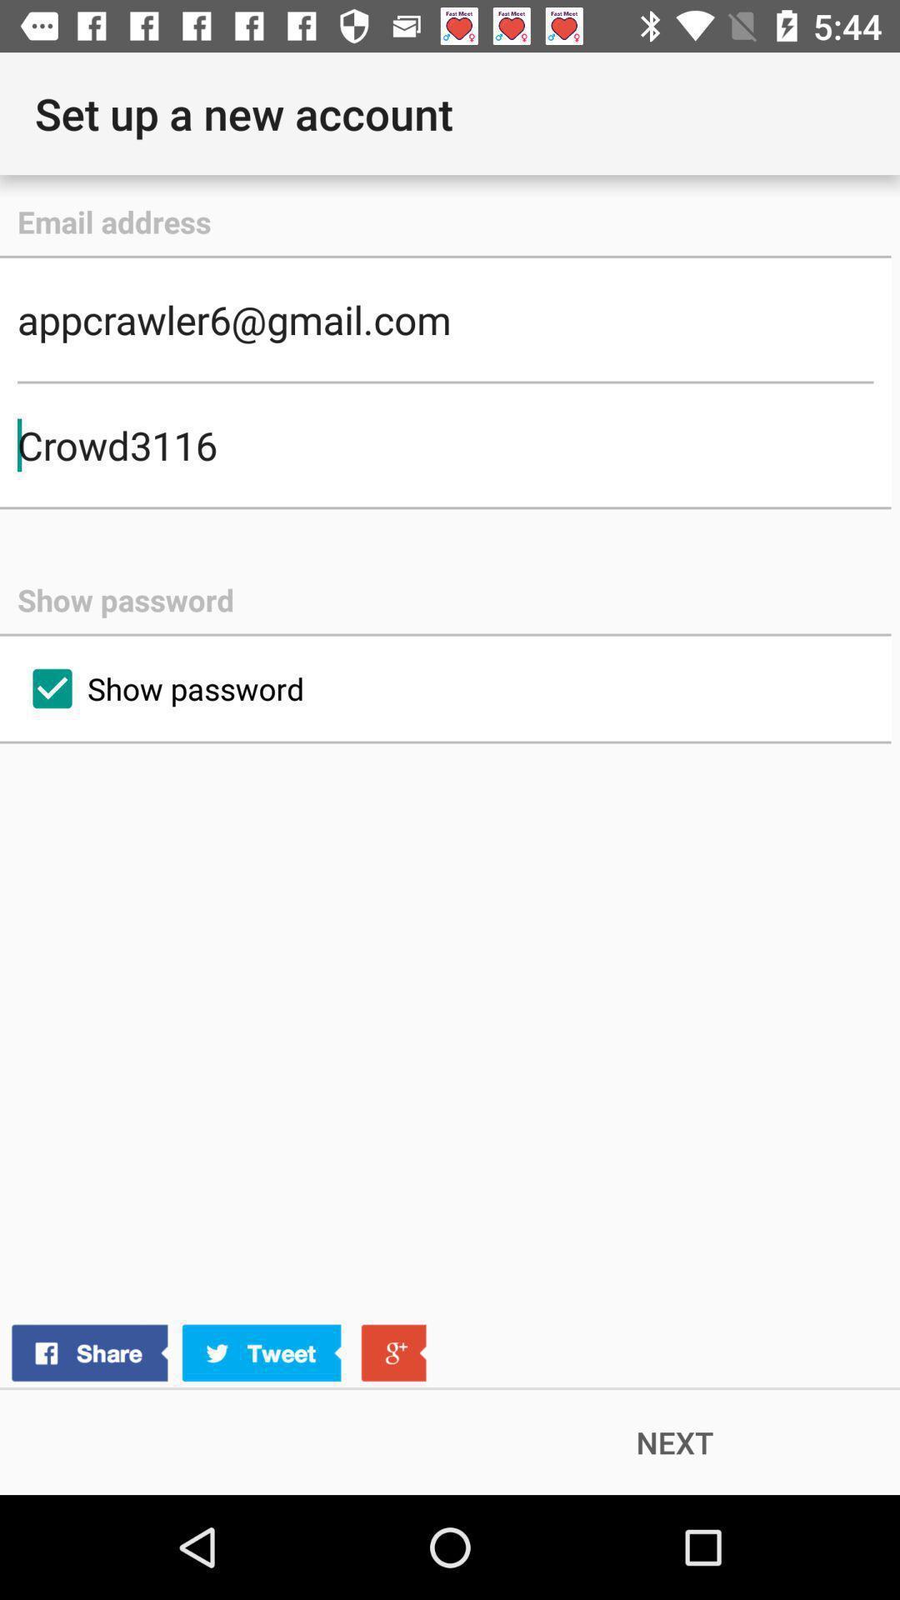 The width and height of the screenshot is (900, 1600). Describe the element at coordinates (444, 445) in the screenshot. I see `the crowd3116` at that location.